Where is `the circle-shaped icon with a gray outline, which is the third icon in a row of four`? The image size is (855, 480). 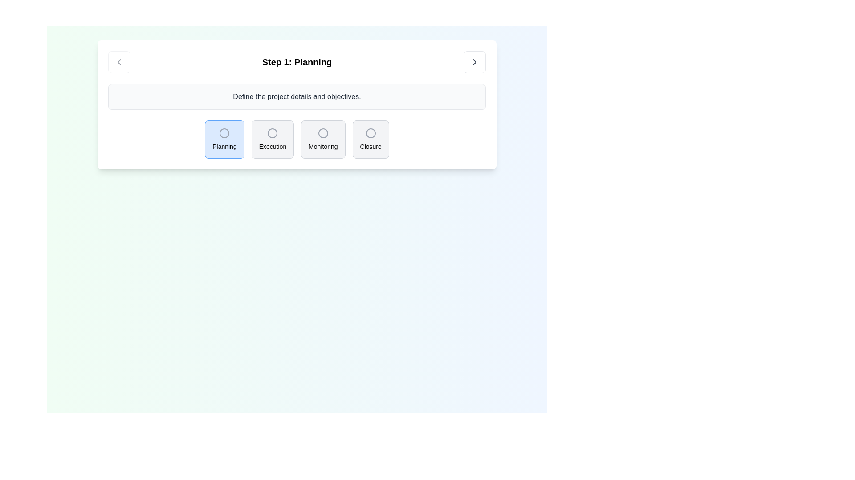 the circle-shaped icon with a gray outline, which is the third icon in a row of four is located at coordinates (322, 133).